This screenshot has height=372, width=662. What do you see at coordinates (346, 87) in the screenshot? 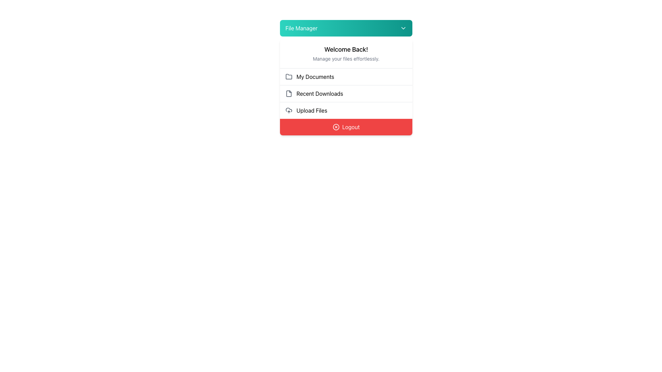
I see `the 'Recent Downloads' menu item, which is styled with padding and hover effects, located in the dropdown panel labeled 'Welcome Back!', positioned below 'My Documents' and above 'Upload Files'` at bounding box center [346, 87].